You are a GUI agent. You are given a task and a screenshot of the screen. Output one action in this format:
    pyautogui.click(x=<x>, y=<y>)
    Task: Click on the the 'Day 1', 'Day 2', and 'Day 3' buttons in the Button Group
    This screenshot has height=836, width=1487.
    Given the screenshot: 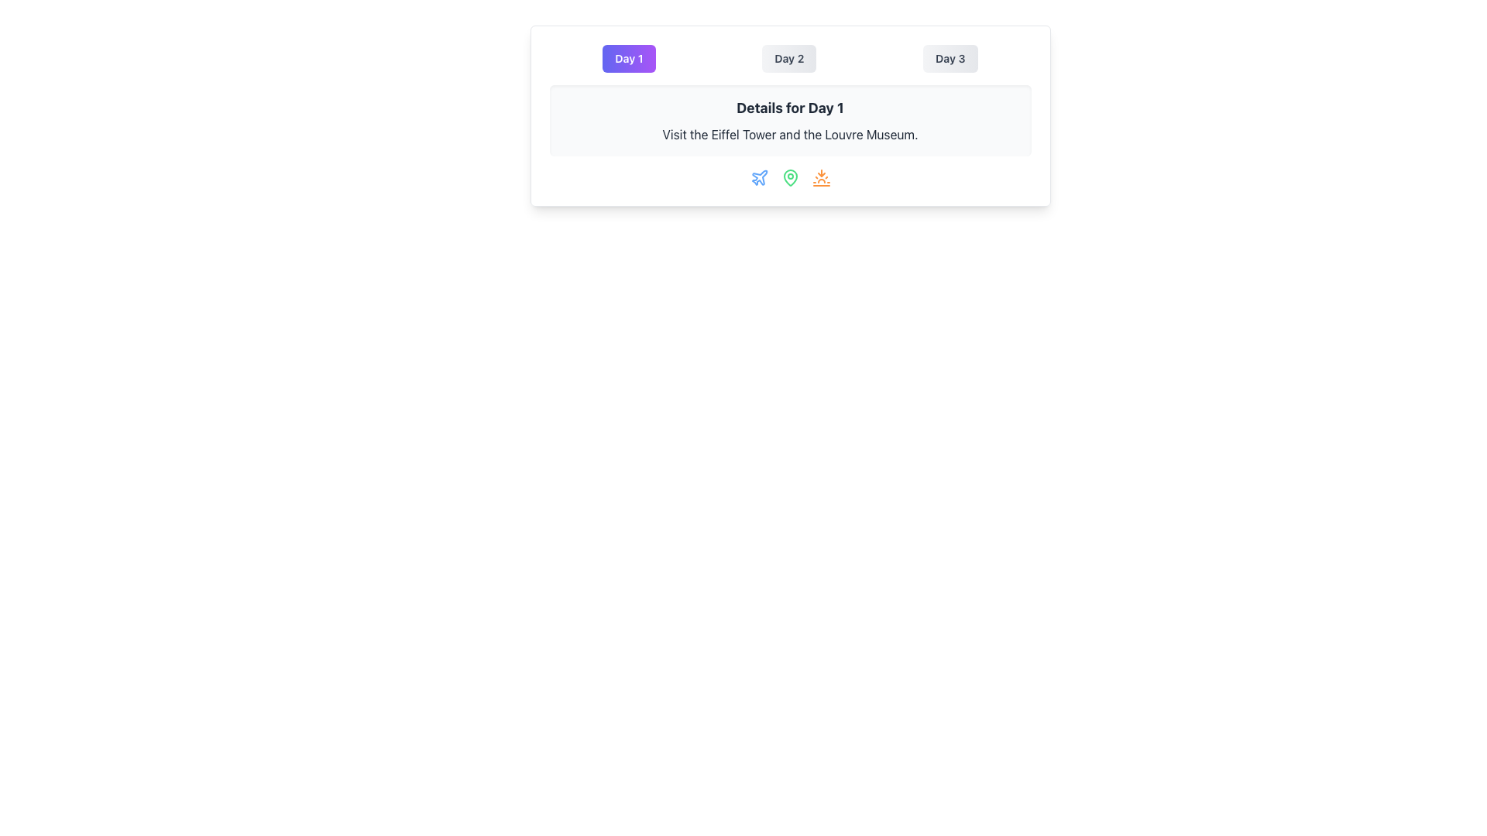 What is the action you would take?
    pyautogui.click(x=790, y=58)
    